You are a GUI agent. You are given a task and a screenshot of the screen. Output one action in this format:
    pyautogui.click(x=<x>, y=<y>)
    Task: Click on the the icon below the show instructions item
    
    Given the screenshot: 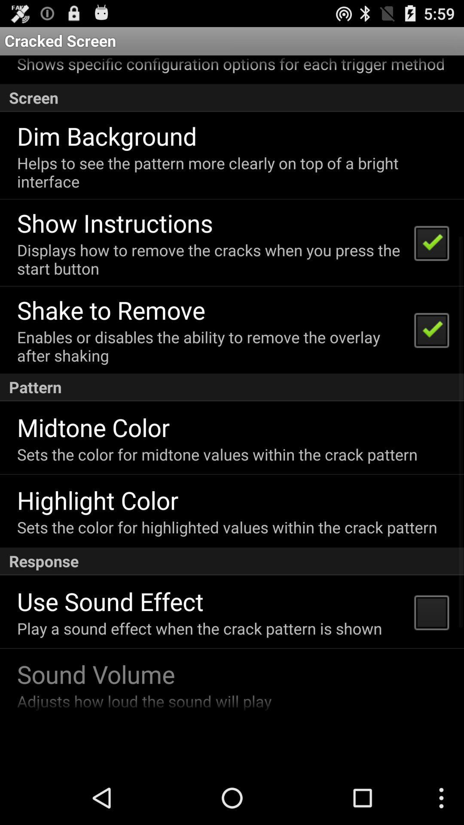 What is the action you would take?
    pyautogui.click(x=210, y=259)
    